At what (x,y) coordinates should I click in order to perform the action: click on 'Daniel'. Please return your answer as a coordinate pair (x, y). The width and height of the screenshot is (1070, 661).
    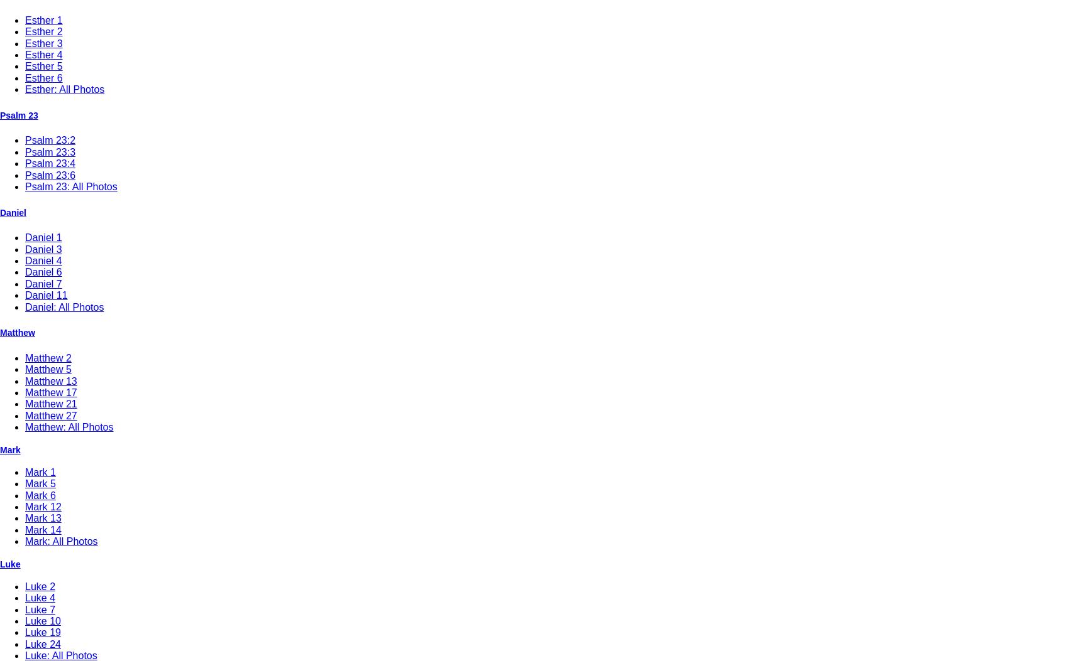
    Looking at the image, I should click on (13, 212).